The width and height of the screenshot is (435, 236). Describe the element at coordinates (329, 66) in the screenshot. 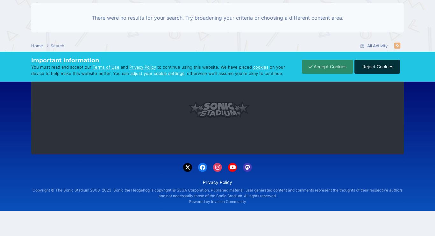

I see `'Accept Cookies'` at that location.